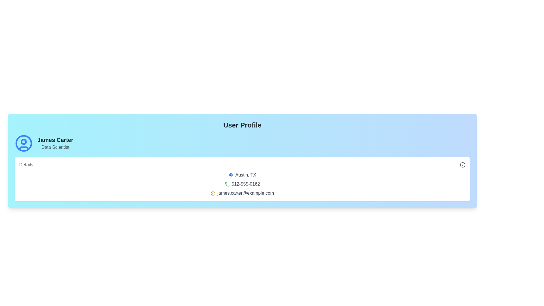  I want to click on the phone icon located before the phone number '512-555-0162', so click(227, 184).